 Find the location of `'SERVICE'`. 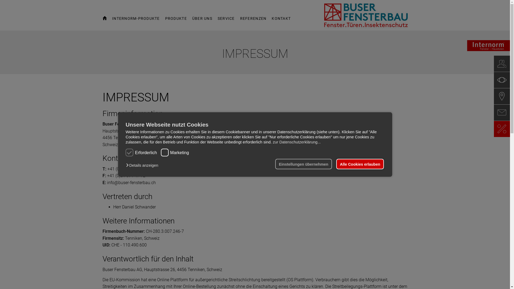

'SERVICE' is located at coordinates (226, 21).